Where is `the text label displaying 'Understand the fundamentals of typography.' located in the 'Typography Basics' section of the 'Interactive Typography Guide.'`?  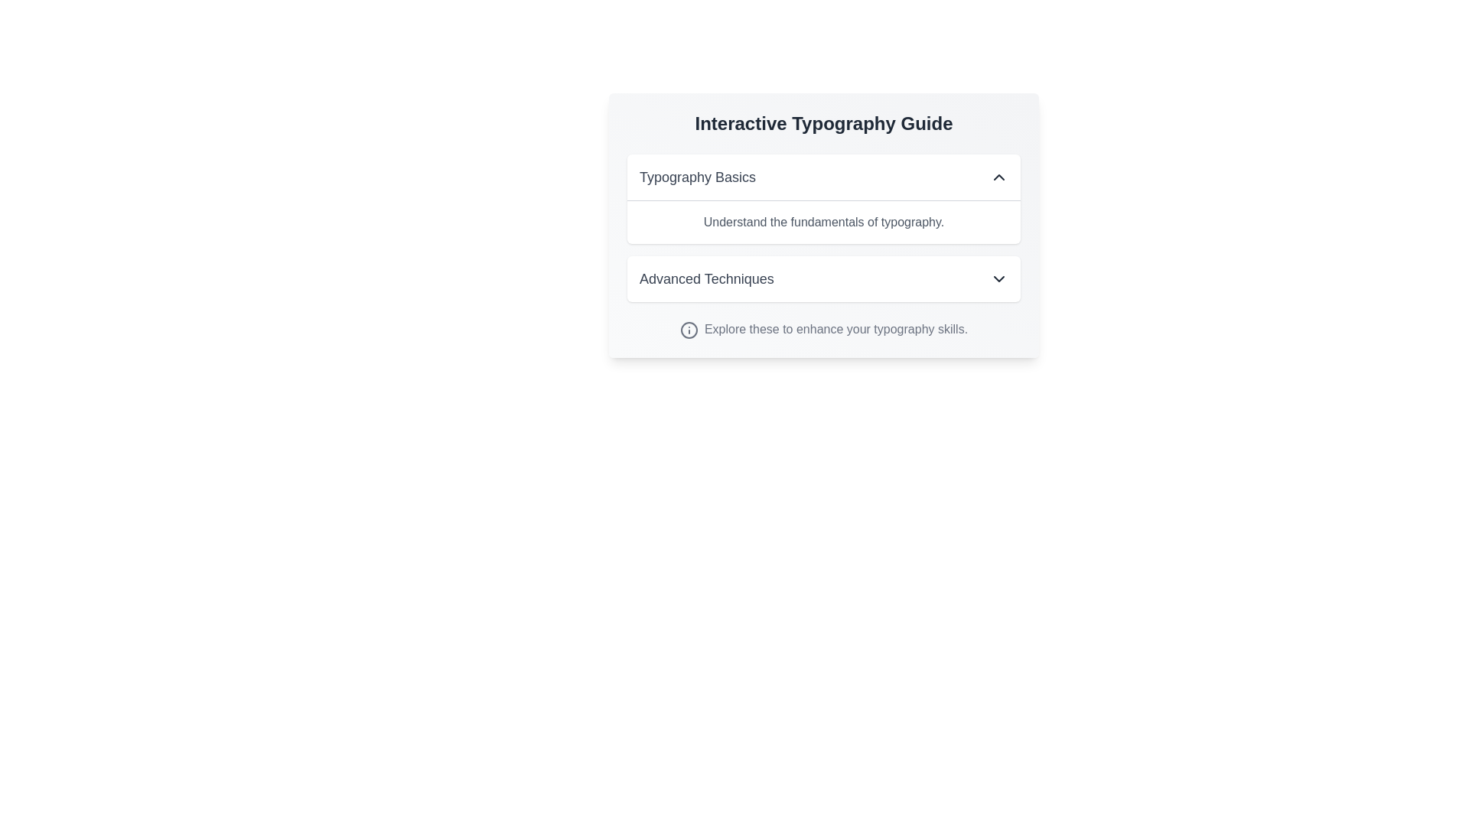
the text label displaying 'Understand the fundamentals of typography.' located in the 'Typography Basics' section of the 'Interactive Typography Guide.' is located at coordinates (822, 222).